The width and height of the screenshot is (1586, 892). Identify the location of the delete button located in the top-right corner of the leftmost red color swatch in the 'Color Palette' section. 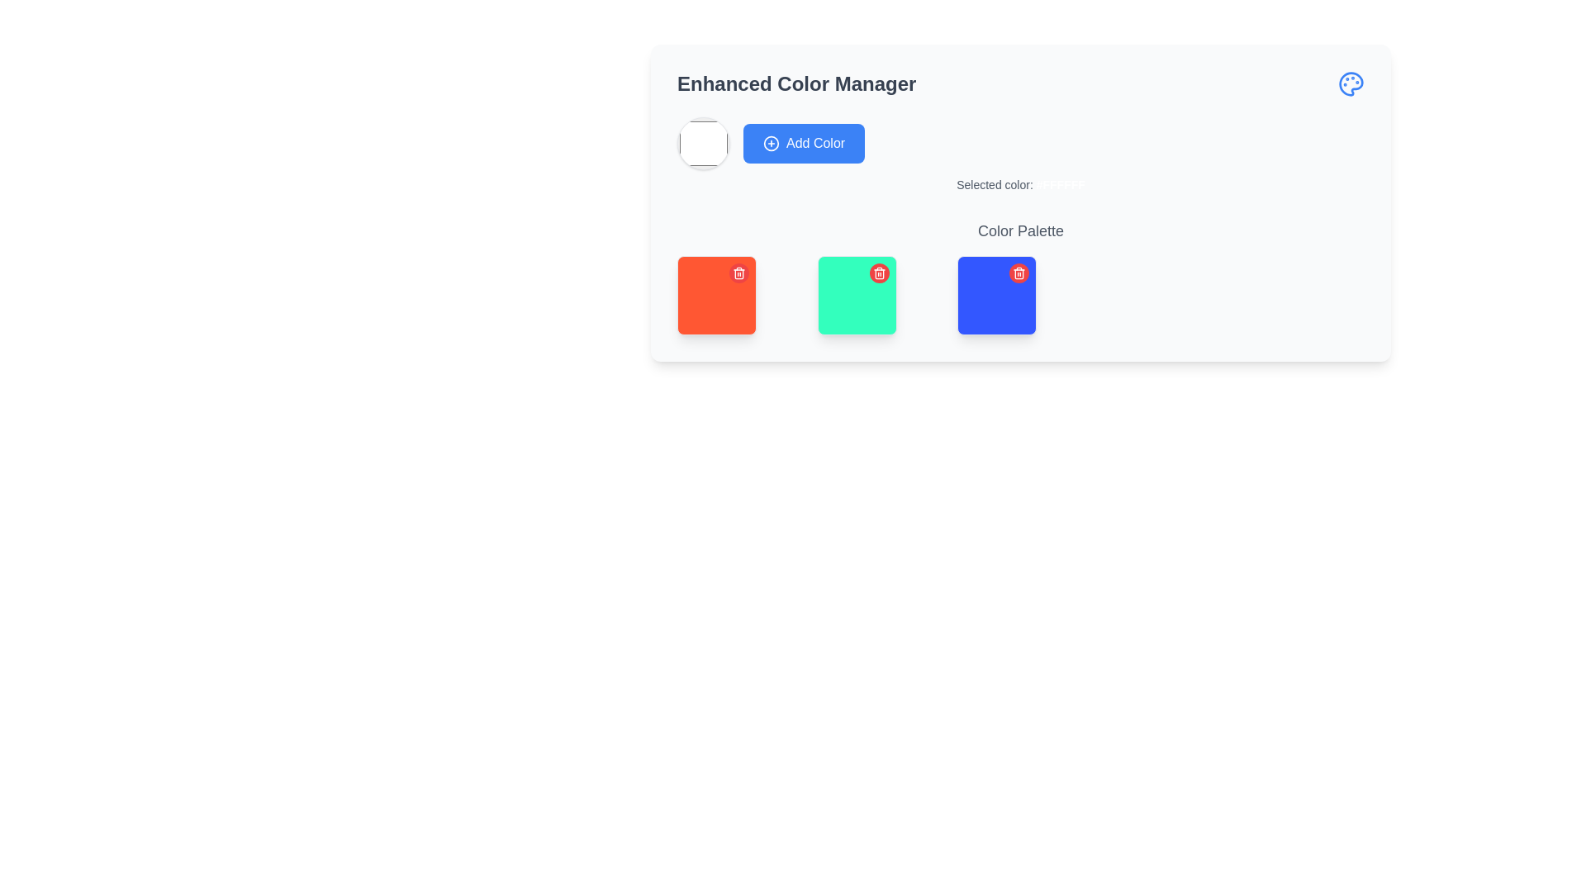
(738, 273).